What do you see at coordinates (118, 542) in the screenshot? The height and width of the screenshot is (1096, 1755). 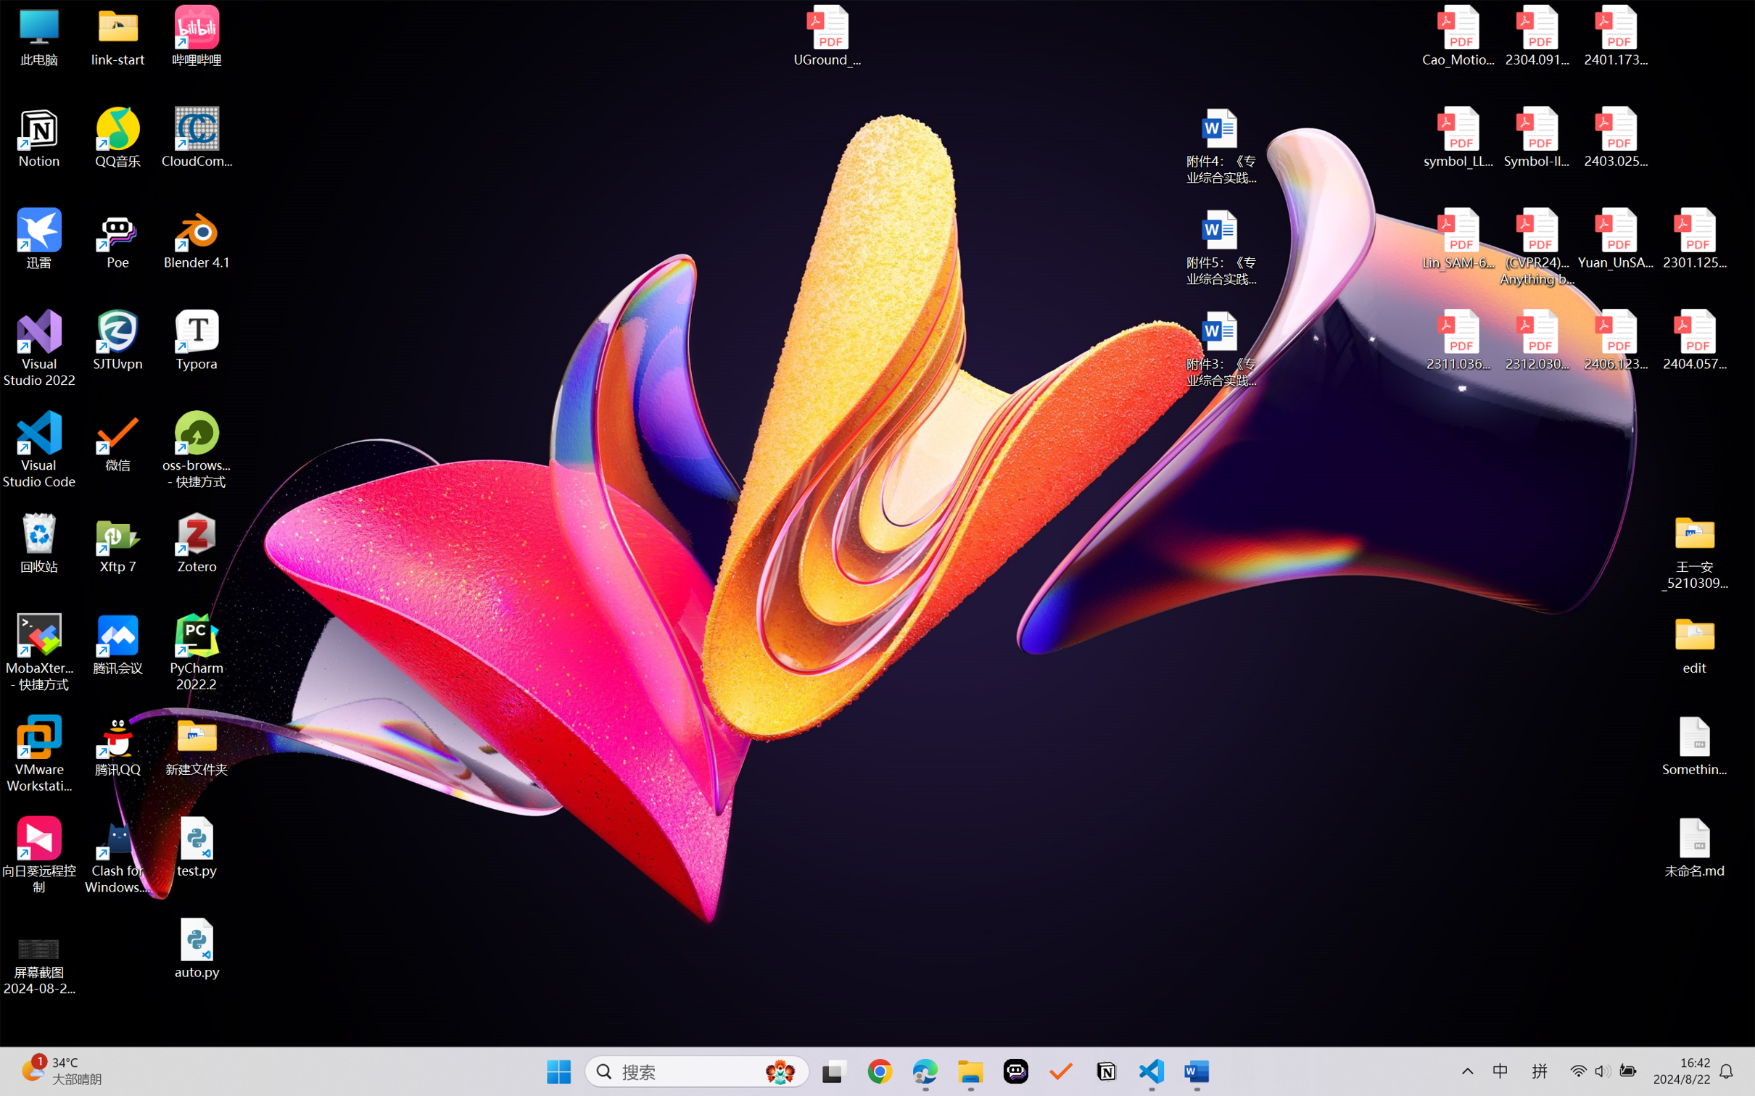 I see `'Xftp 7'` at bounding box center [118, 542].